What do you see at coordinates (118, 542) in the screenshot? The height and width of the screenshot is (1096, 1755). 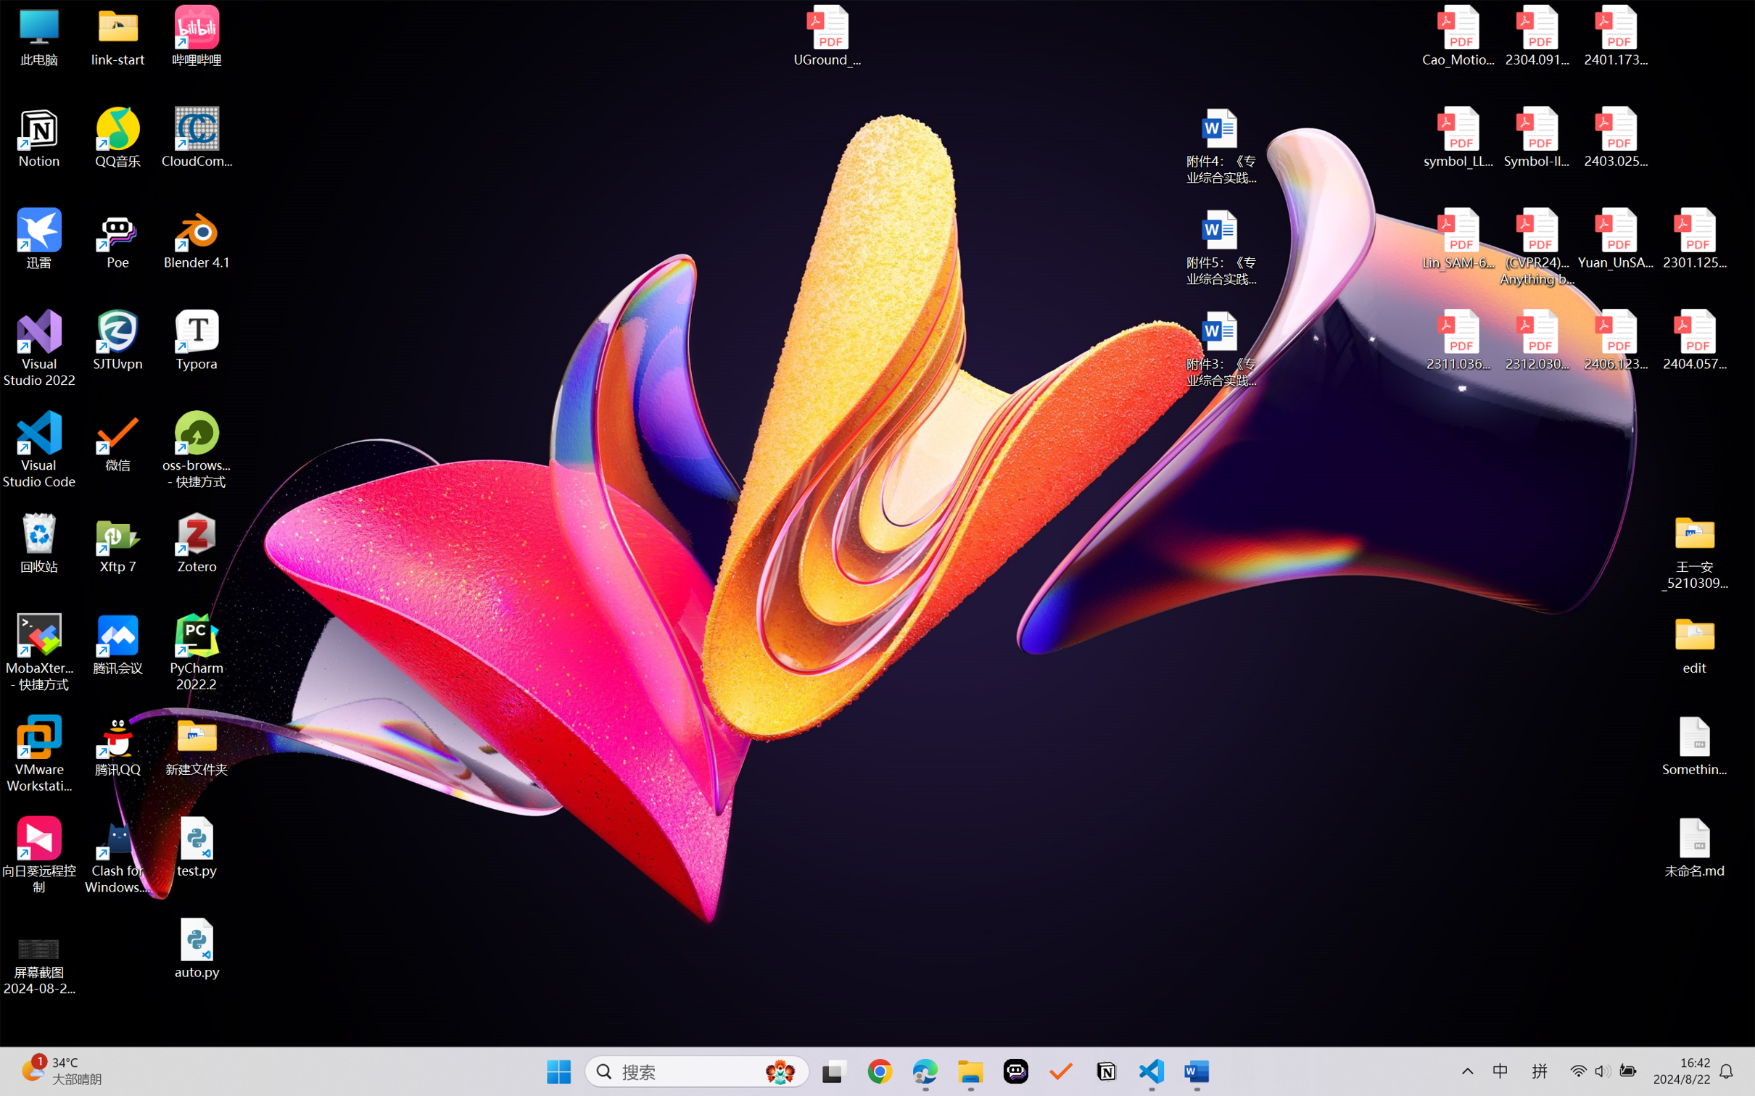 I see `'Xftp 7'` at bounding box center [118, 542].